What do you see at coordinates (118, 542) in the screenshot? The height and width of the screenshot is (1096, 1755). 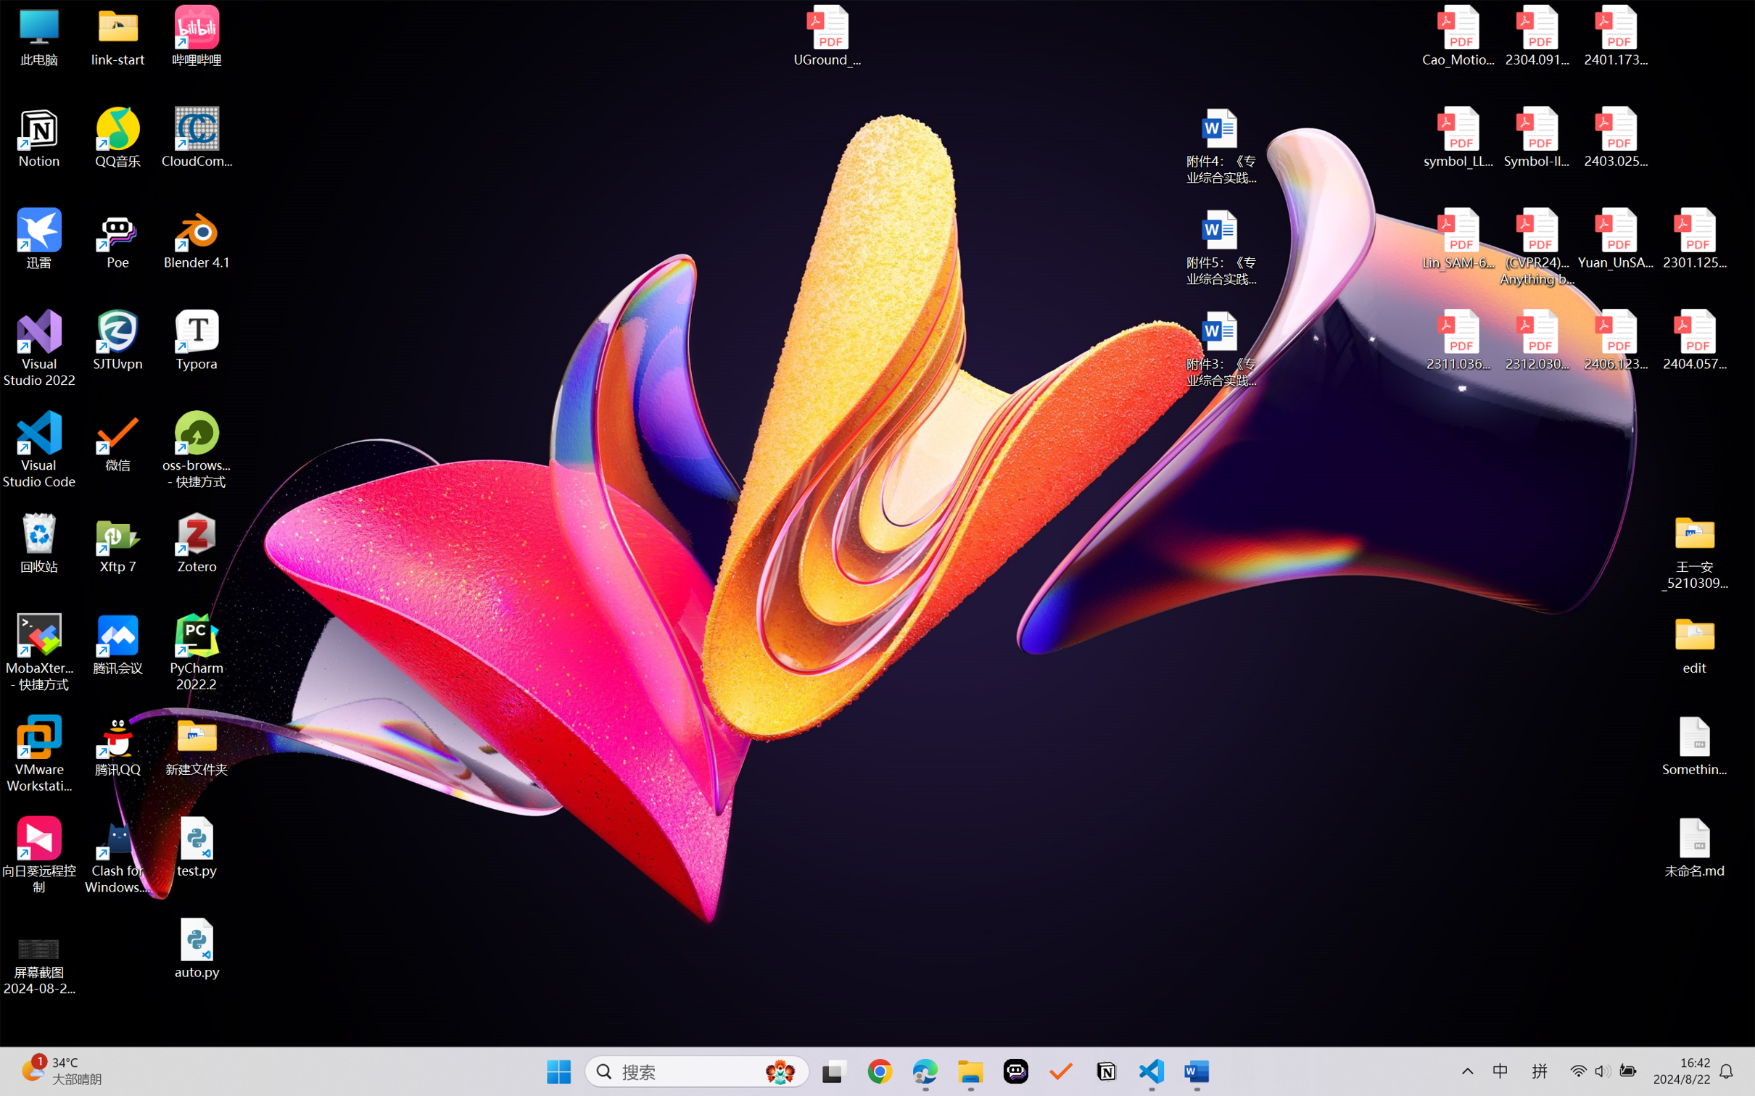 I see `'Xftp 7'` at bounding box center [118, 542].